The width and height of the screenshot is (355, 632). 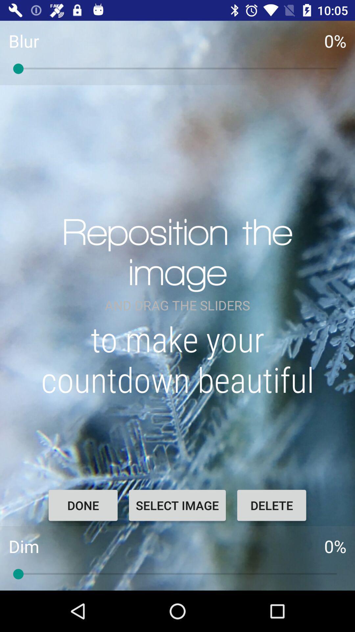 What do you see at coordinates (272, 505) in the screenshot?
I see `the item below to make your icon` at bounding box center [272, 505].